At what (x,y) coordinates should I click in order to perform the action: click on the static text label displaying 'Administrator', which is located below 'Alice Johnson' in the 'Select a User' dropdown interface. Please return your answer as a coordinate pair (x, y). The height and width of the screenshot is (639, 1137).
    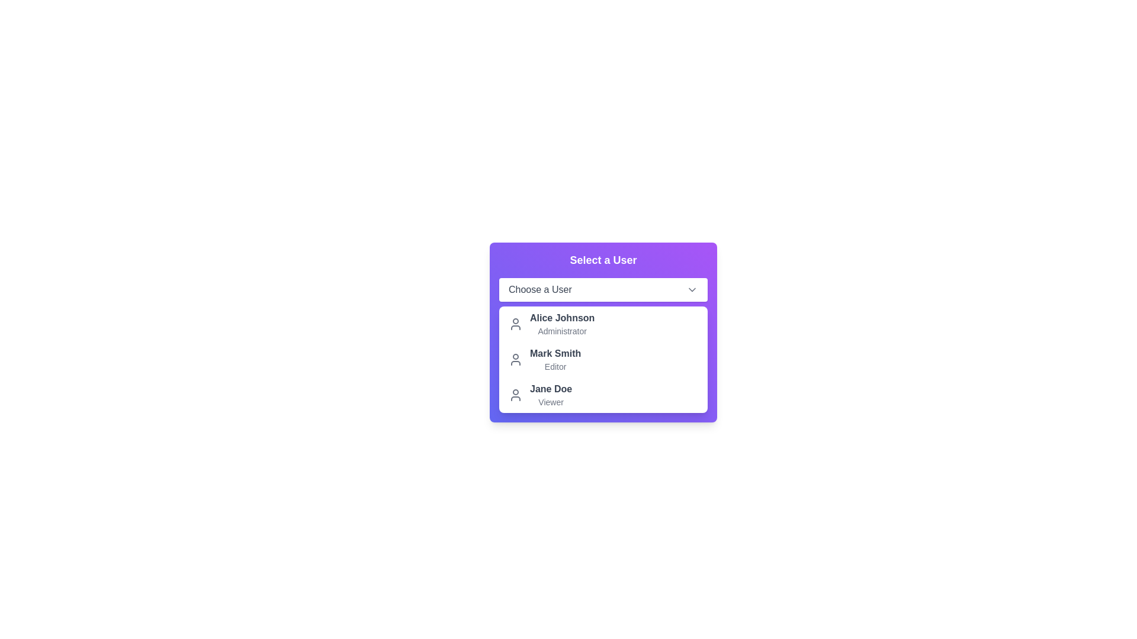
    Looking at the image, I should click on (561, 331).